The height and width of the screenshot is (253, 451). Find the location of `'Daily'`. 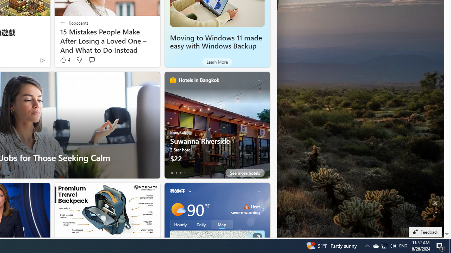

'Daily' is located at coordinates (201, 225).